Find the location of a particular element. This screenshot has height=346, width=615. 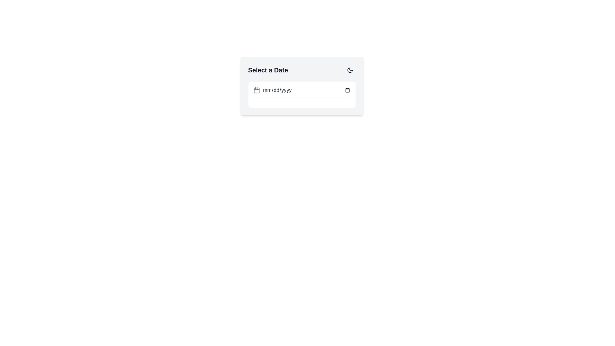

the crescent moon-shaped icon in the top-right corner of the 'Select a Date' panel is located at coordinates (349, 70).